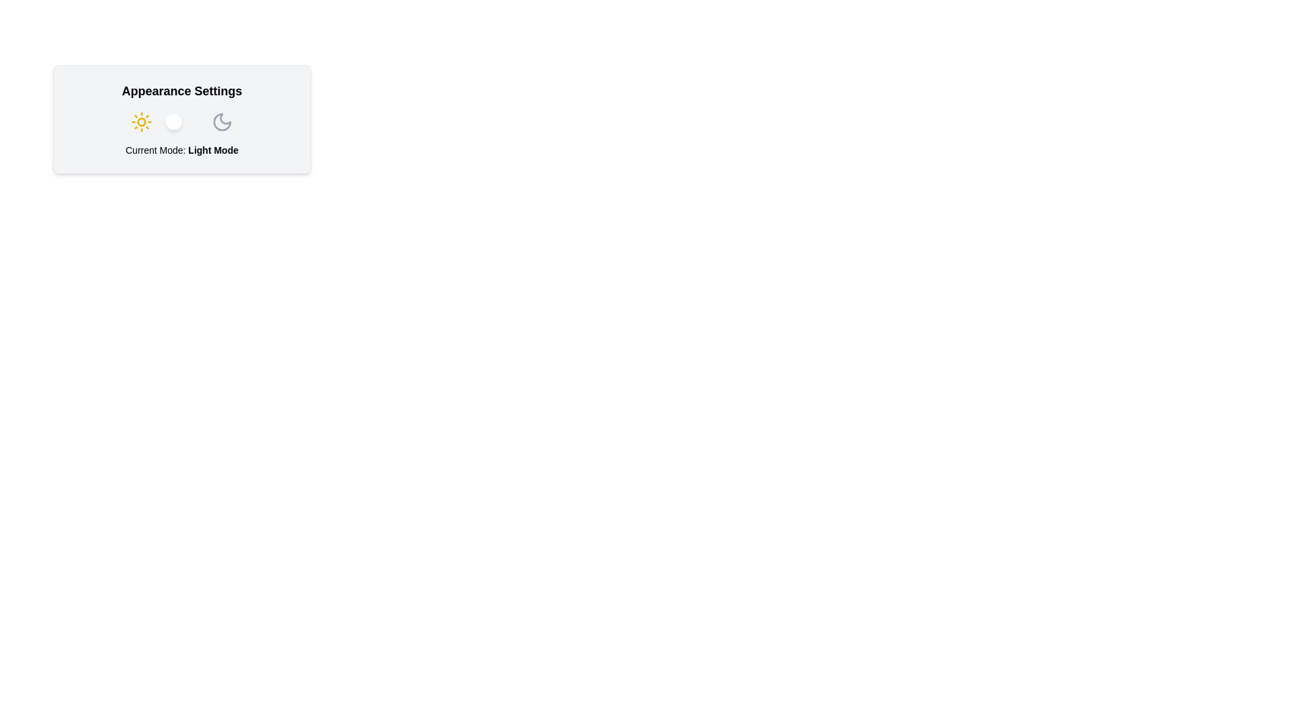 The width and height of the screenshot is (1290, 725). I want to click on the dark mode toggle icon located in the top-right section of the appearance settings card, which is the third interactive element in the horizontal sequence, so click(222, 122).